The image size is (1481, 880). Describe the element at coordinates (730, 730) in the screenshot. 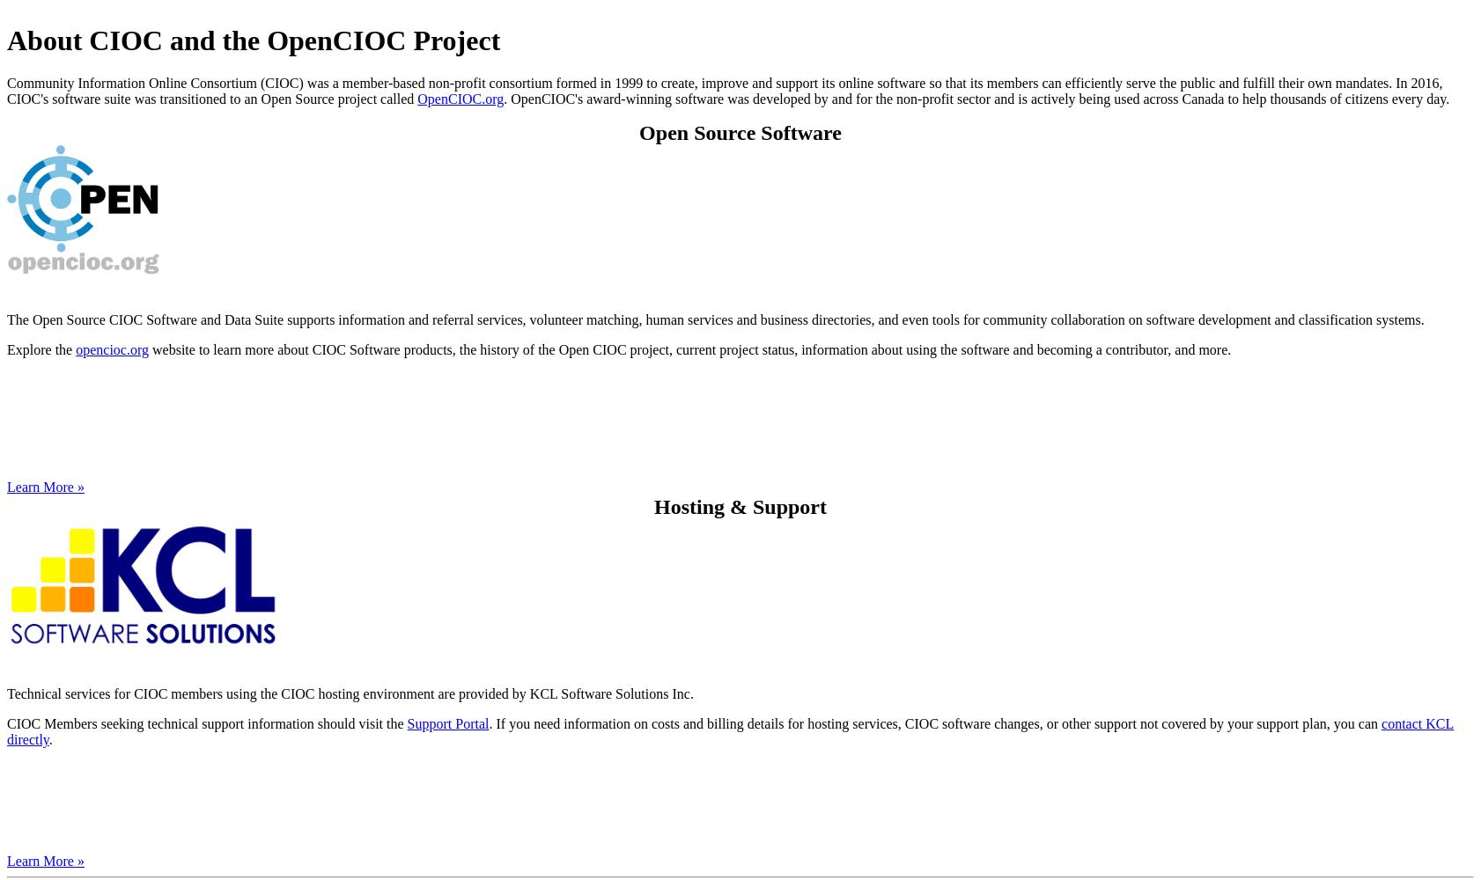

I see `'contact KCL directly'` at that location.